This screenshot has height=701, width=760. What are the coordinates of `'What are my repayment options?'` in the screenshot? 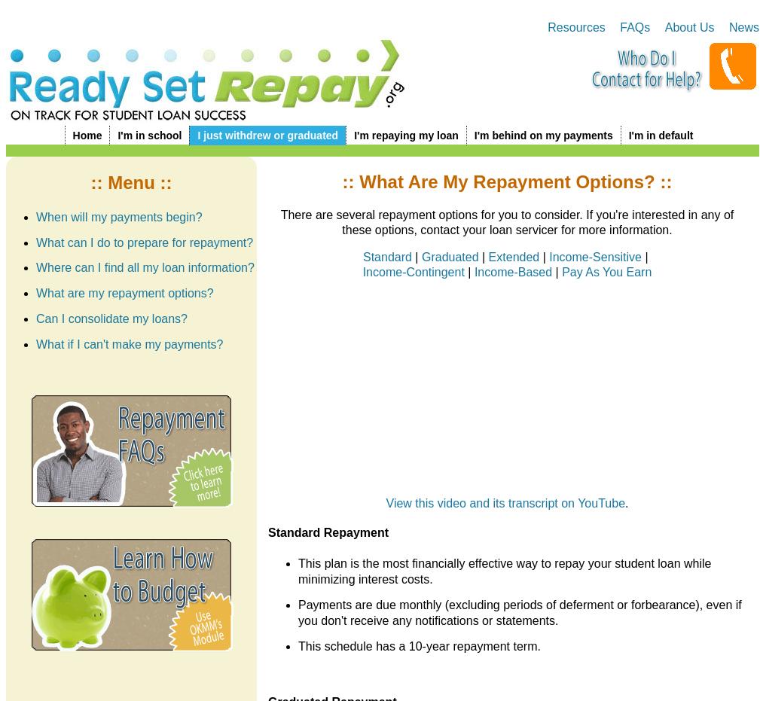 It's located at (124, 293).